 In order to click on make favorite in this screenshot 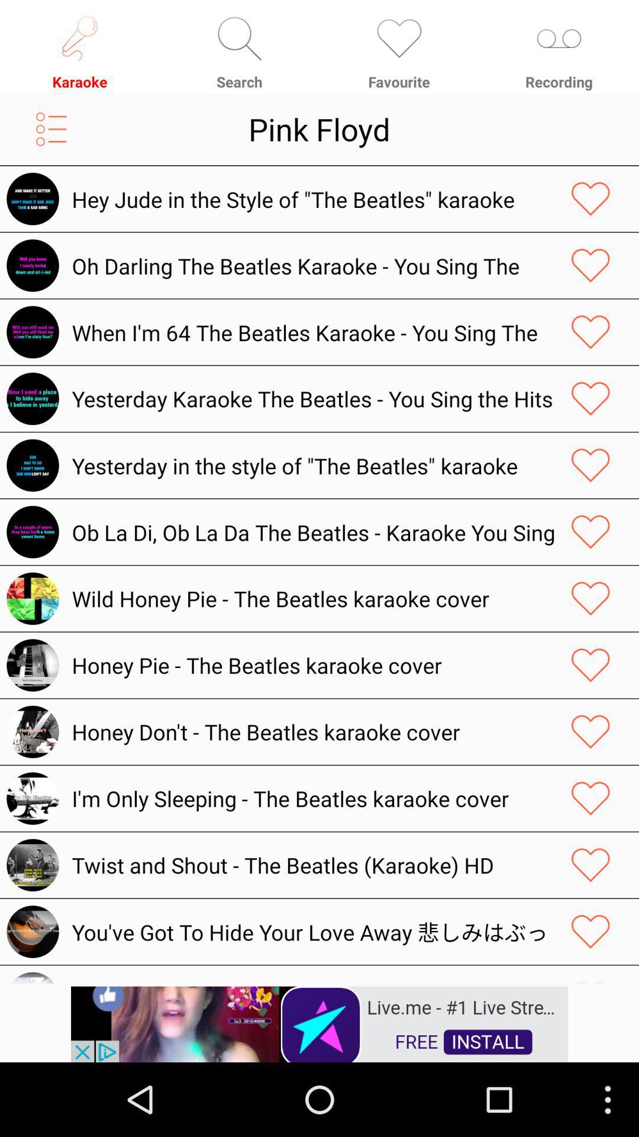, I will do `click(590, 332)`.